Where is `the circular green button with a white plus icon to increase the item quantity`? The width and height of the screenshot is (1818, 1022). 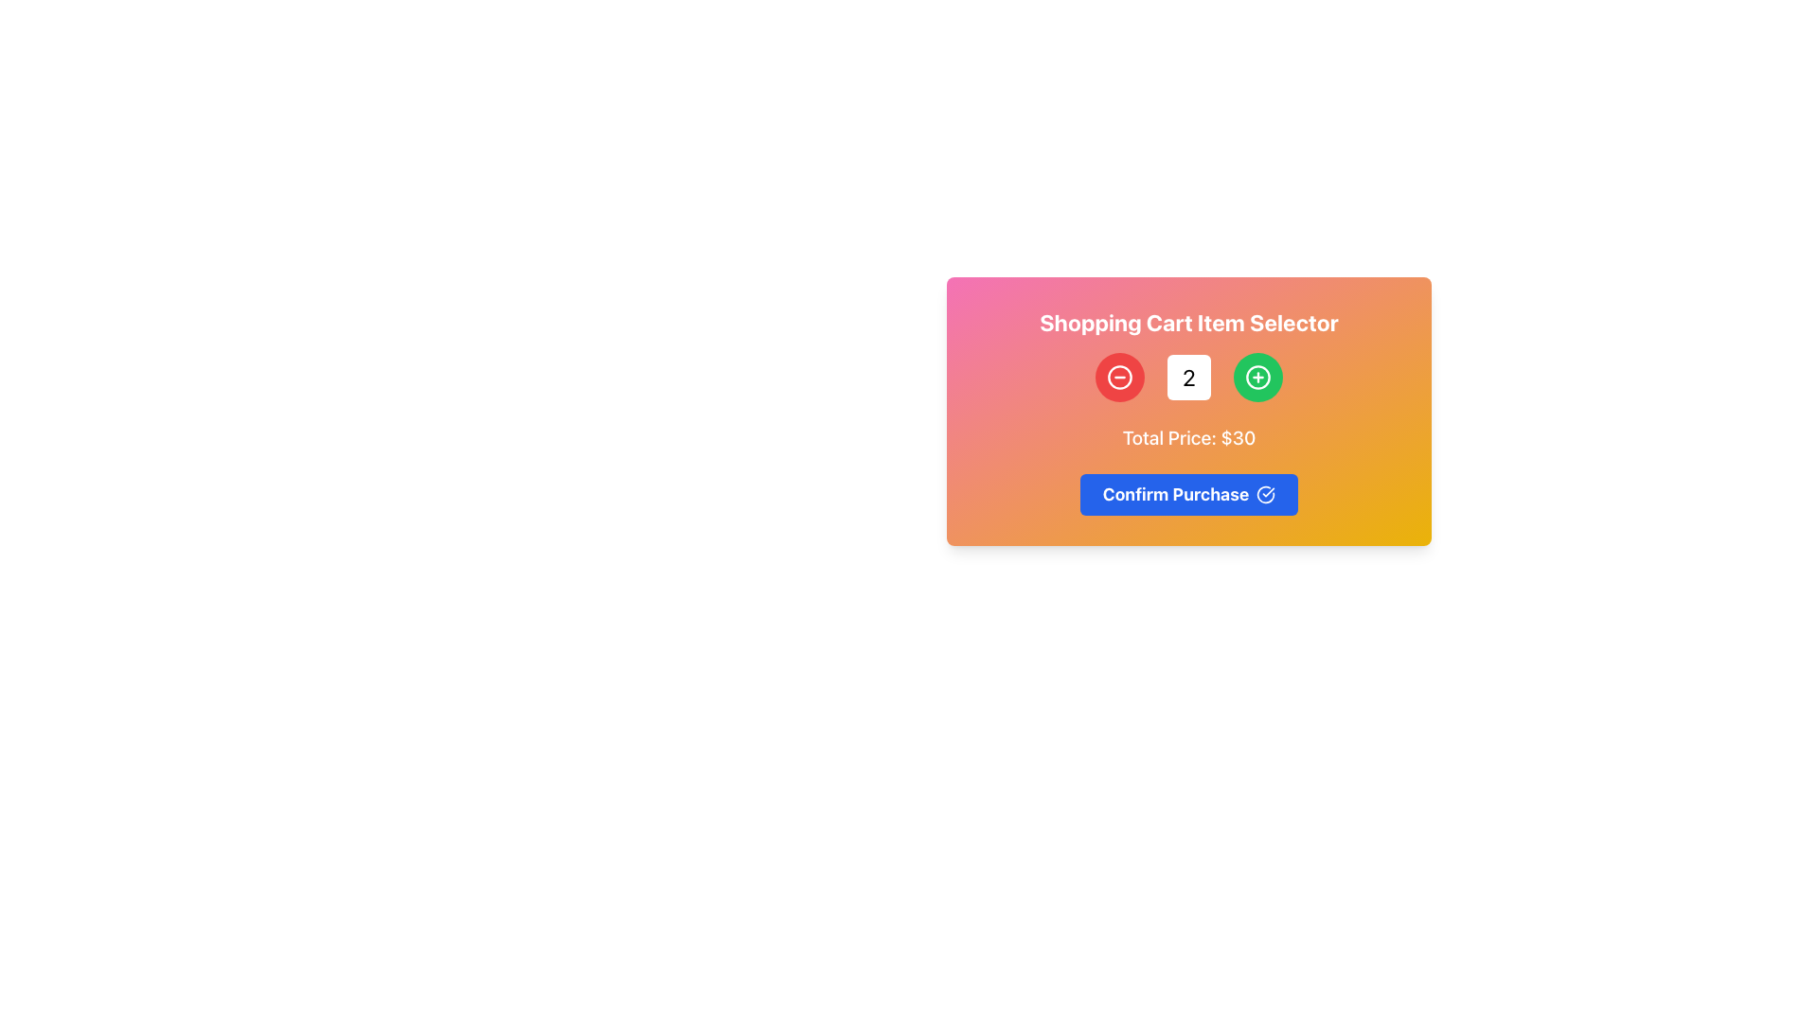
the circular green button with a white plus icon to increase the item quantity is located at coordinates (1257, 377).